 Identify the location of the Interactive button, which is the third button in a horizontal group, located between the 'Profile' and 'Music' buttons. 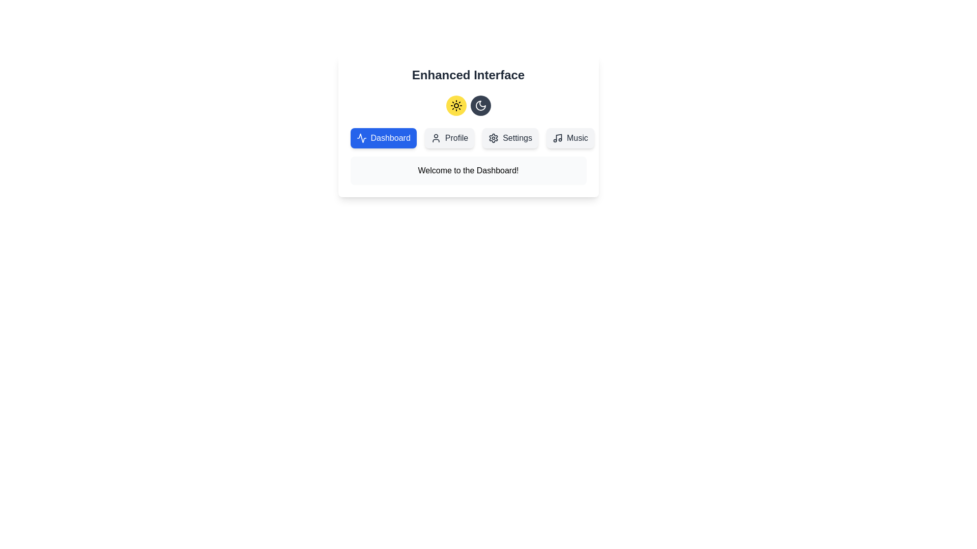
(510, 138).